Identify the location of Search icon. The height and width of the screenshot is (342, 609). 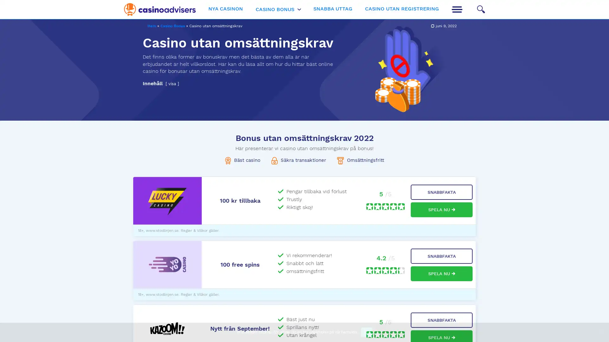
(481, 9).